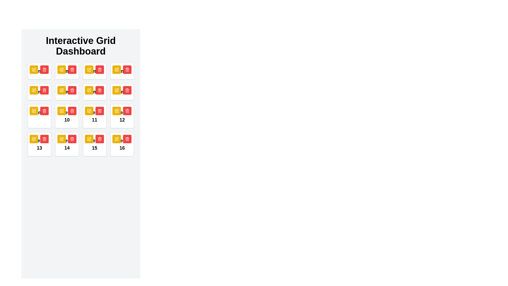  Describe the element at coordinates (39, 138) in the screenshot. I see `the left yellow button in the top-right corner of the card labeled 'Item 13'` at that location.